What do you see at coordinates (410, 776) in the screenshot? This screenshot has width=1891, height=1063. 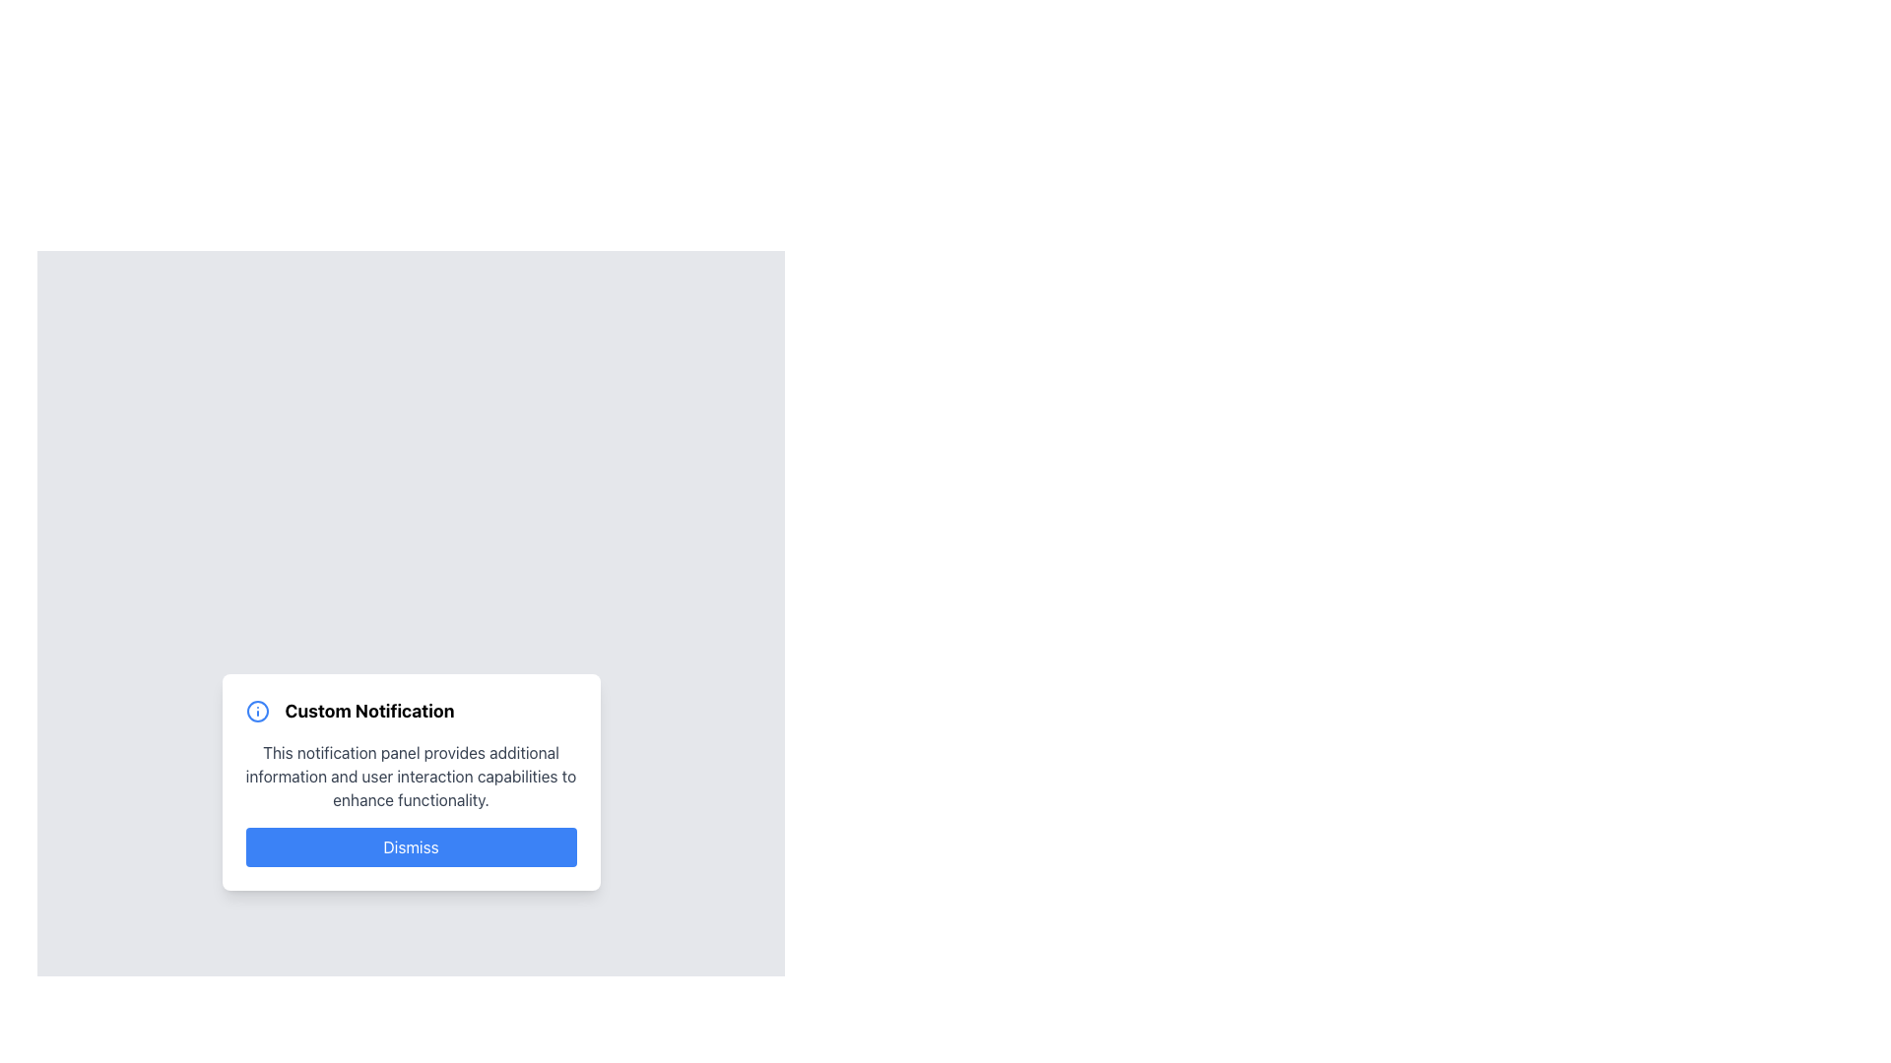 I see `the static text element that provides additional details about the associated notification, located below the 'Custom Notification' header and above the 'Dismiss' button` at bounding box center [410, 776].